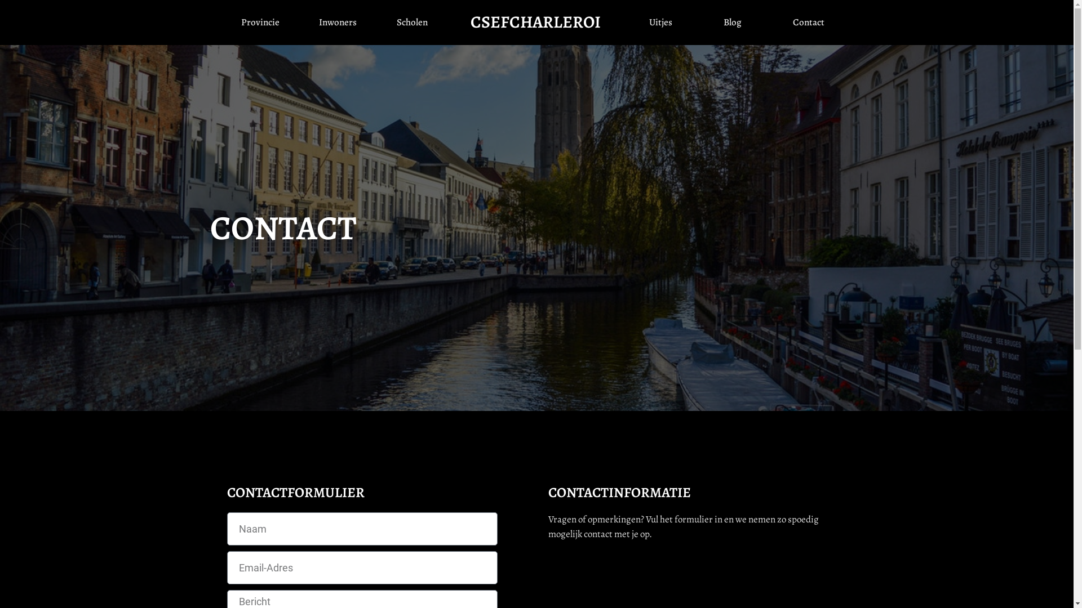 The height and width of the screenshot is (608, 1082). I want to click on 'Contact', so click(808, 22).